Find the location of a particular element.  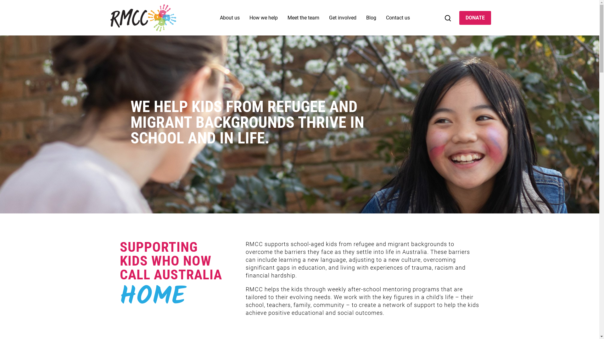

'Get involved' is located at coordinates (342, 20).